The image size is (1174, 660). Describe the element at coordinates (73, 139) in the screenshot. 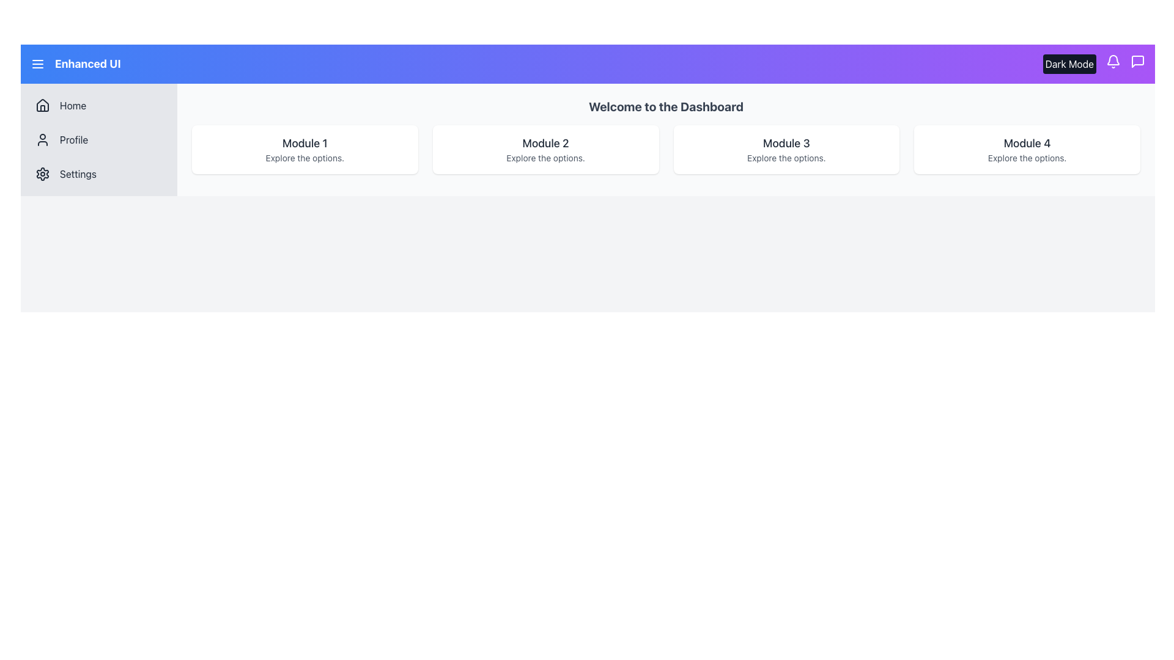

I see `the label indicating the user's profile section in the sidebar menu, positioned to the right of the user silhouette icon and vertically aligned with 'Home' and 'Settings'` at that location.